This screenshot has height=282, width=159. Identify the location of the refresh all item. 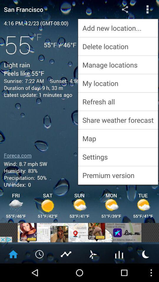
(118, 101).